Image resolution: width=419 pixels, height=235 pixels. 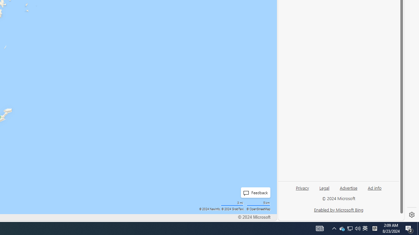 What do you see at coordinates (324, 187) in the screenshot?
I see `'Legal'` at bounding box center [324, 187].